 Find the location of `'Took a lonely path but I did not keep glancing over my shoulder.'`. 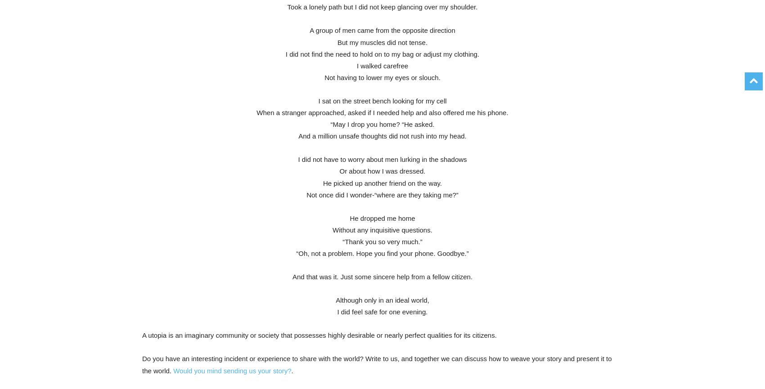

'Took a lonely path but I did not keep glancing over my shoulder.' is located at coordinates (382, 7).